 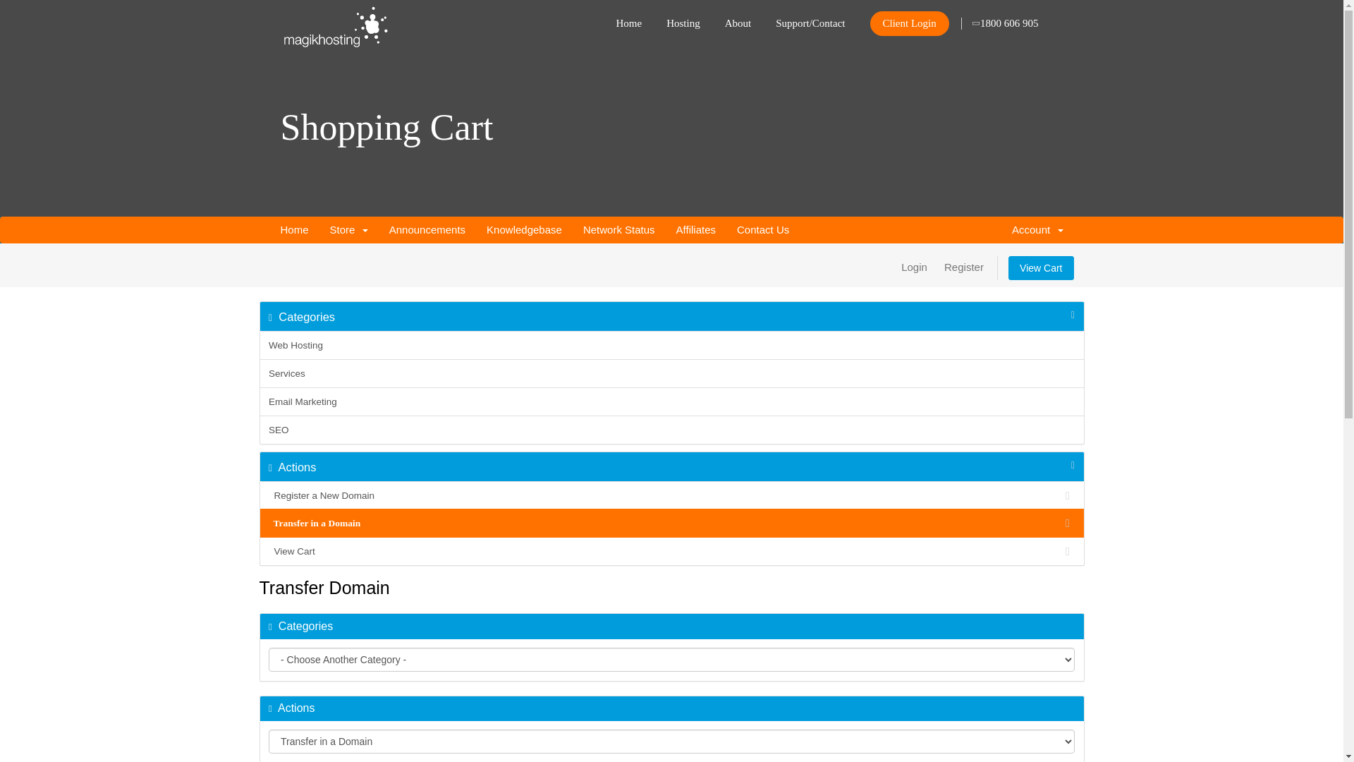 I want to click on 'Support/Contact', so click(x=774, y=19).